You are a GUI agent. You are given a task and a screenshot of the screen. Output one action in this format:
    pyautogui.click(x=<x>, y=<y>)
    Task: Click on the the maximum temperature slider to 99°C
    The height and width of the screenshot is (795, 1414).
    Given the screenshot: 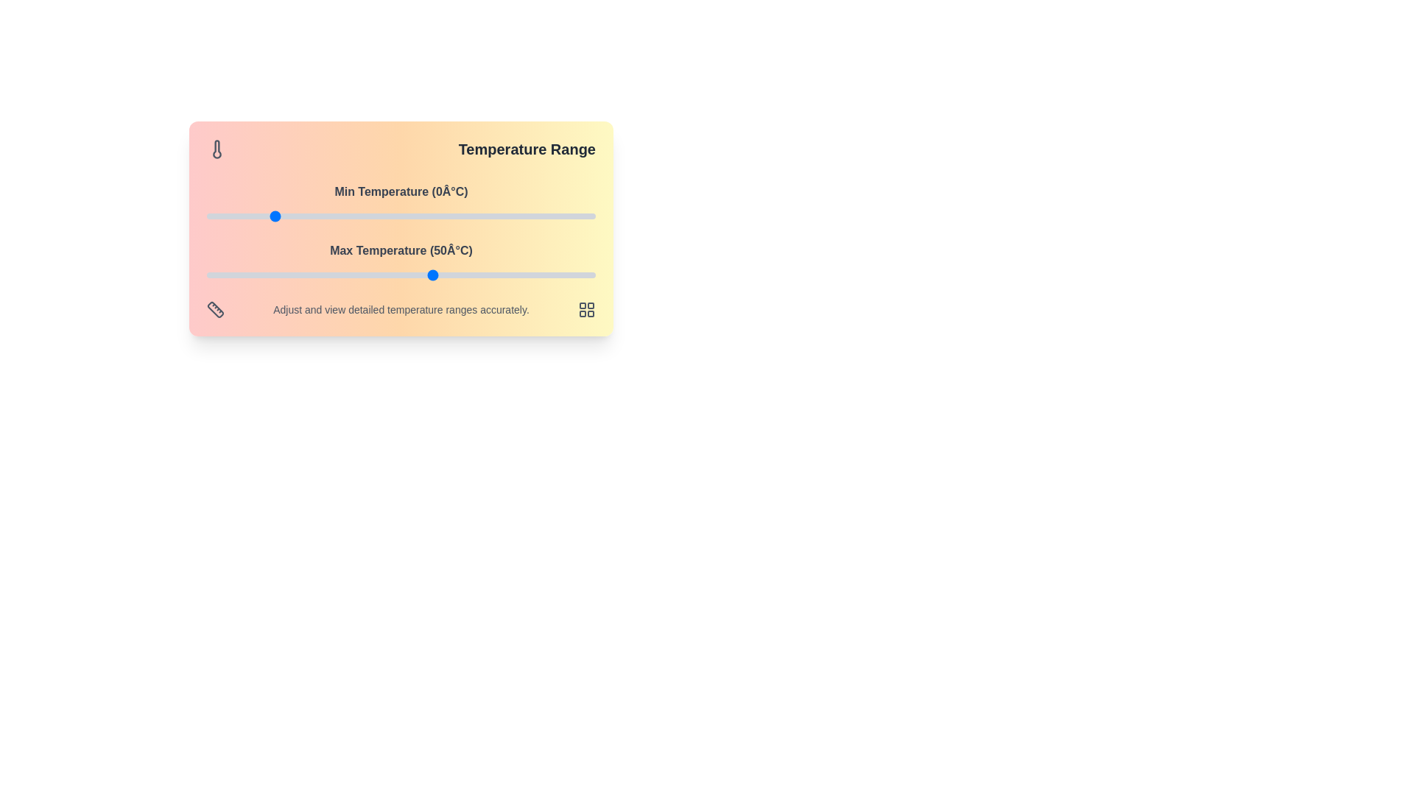 What is the action you would take?
    pyautogui.click(x=592, y=275)
    